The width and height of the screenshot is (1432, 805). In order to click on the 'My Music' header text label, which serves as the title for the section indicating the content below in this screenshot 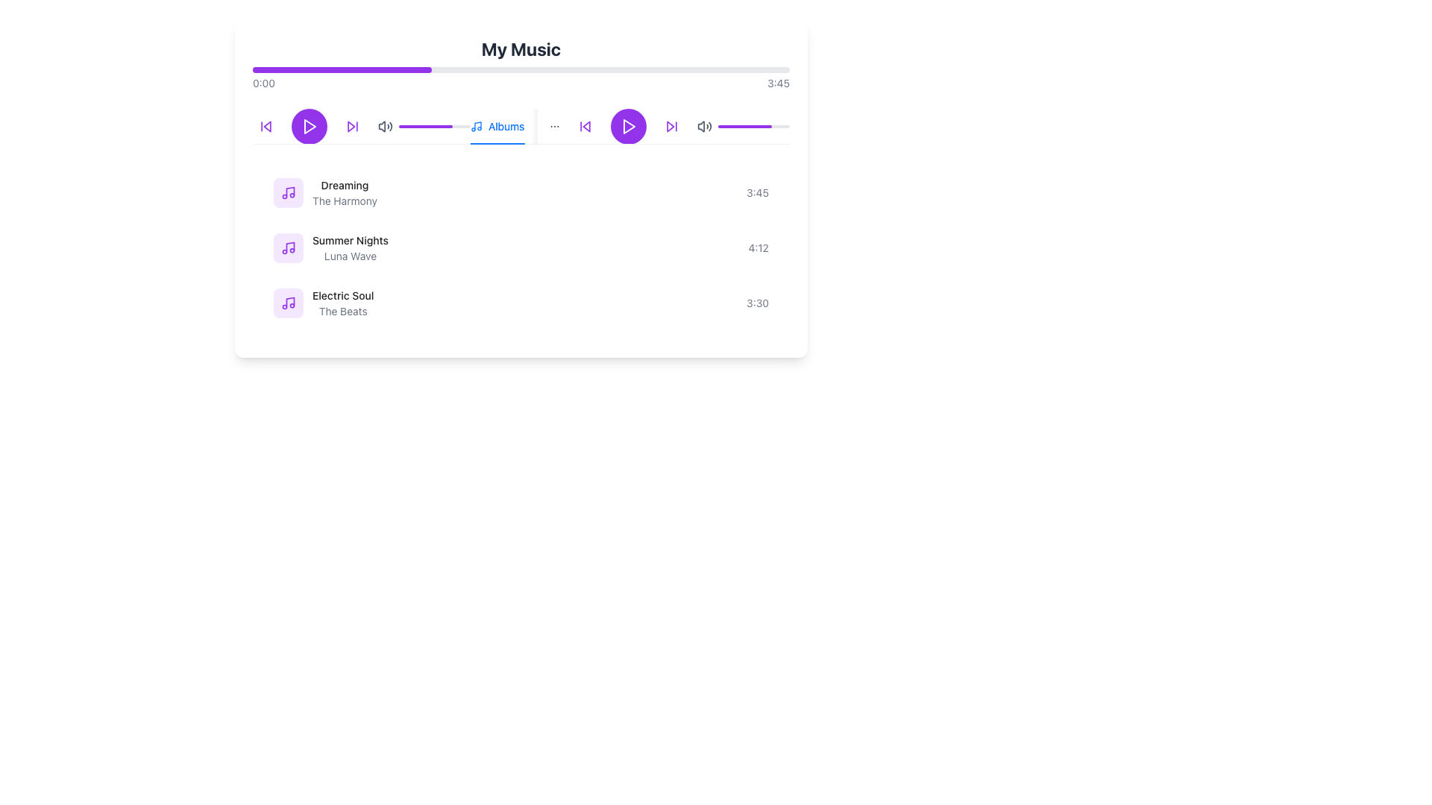, I will do `click(521, 48)`.